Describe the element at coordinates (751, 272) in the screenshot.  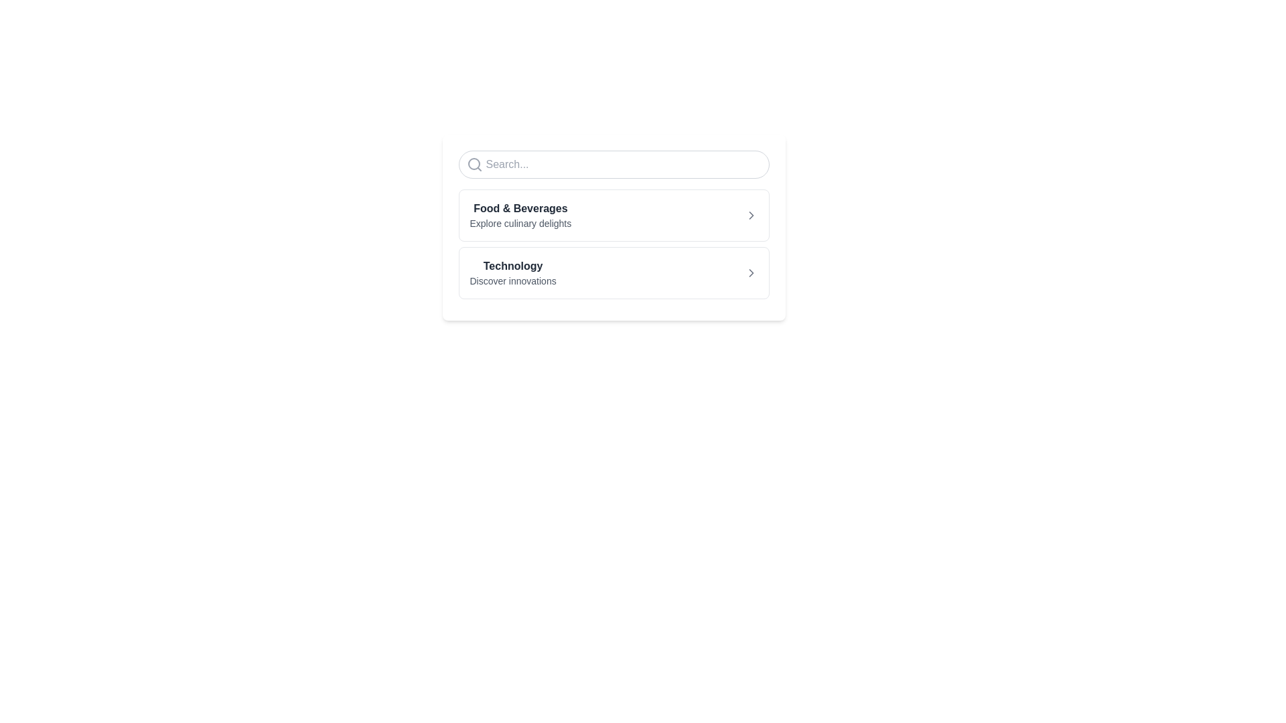
I see `the rightward-pointing chevron icon located at the far right of the 'Technology' category box, which is vertically centered and positioned after the text 'Discover innovations'` at that location.